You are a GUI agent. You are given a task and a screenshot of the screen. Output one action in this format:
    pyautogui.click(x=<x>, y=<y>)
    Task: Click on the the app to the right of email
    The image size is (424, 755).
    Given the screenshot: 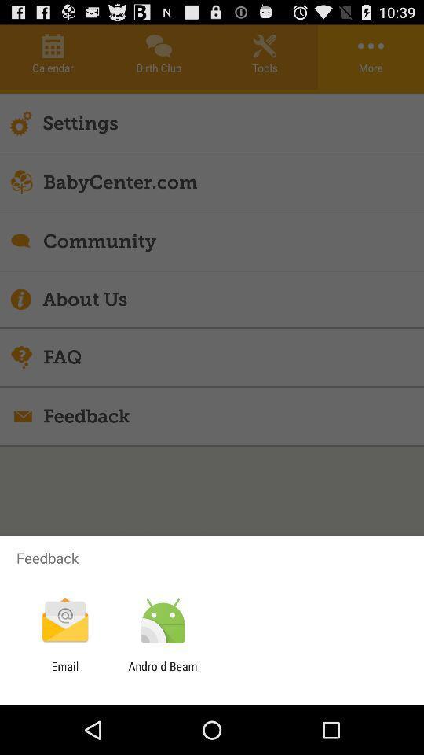 What is the action you would take?
    pyautogui.click(x=162, y=672)
    